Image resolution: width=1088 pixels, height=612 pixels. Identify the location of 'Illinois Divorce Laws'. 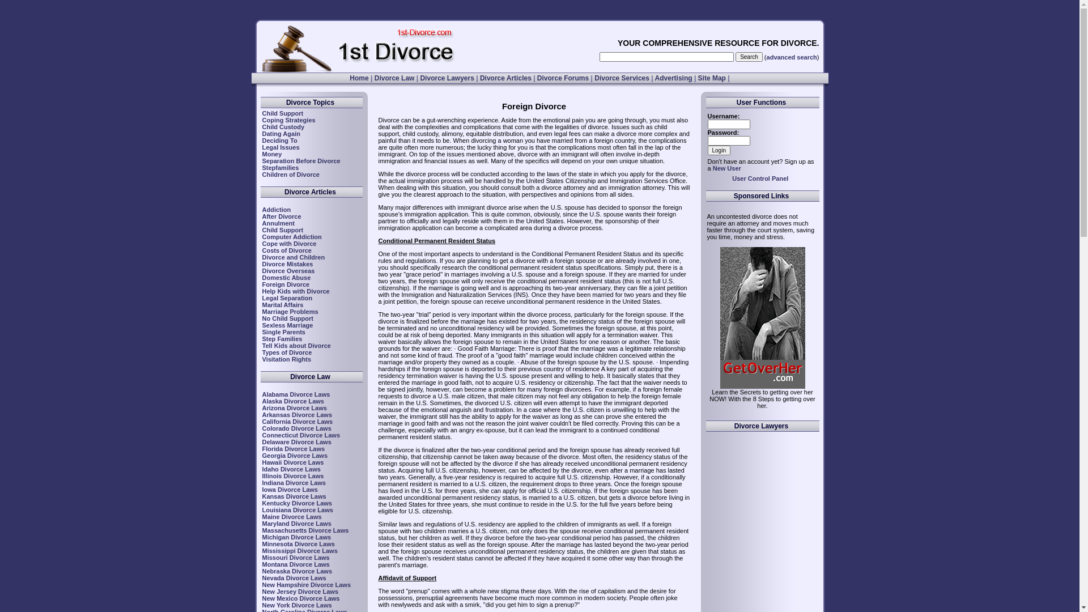
(292, 476).